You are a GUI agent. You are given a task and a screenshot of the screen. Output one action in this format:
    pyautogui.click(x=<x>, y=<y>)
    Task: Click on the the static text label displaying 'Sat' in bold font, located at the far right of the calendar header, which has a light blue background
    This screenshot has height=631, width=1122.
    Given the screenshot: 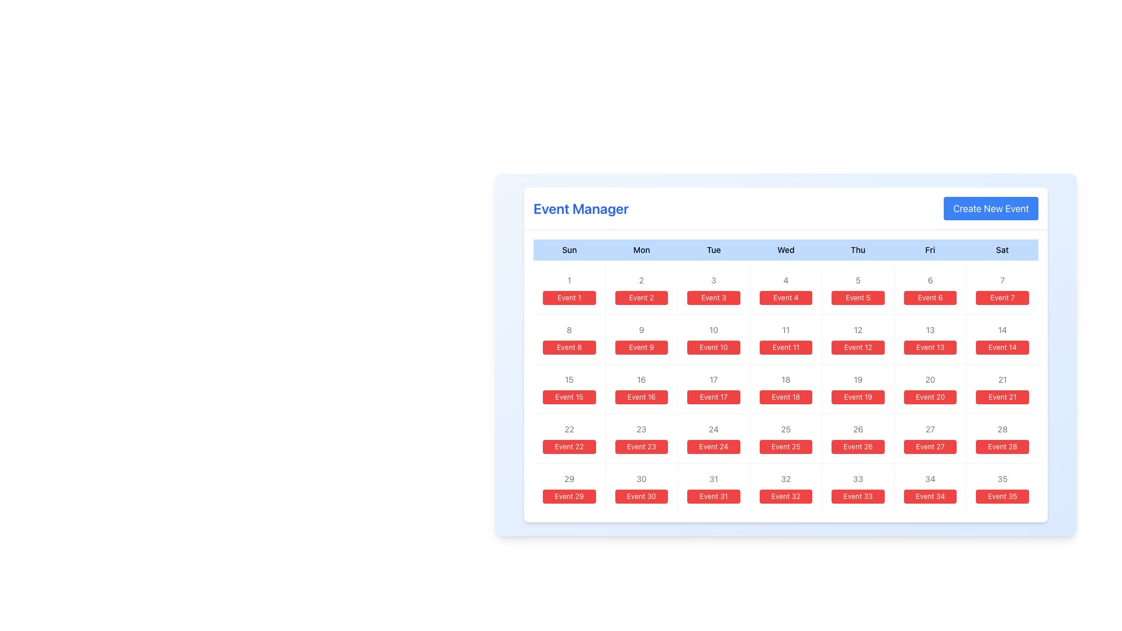 What is the action you would take?
    pyautogui.click(x=1002, y=249)
    